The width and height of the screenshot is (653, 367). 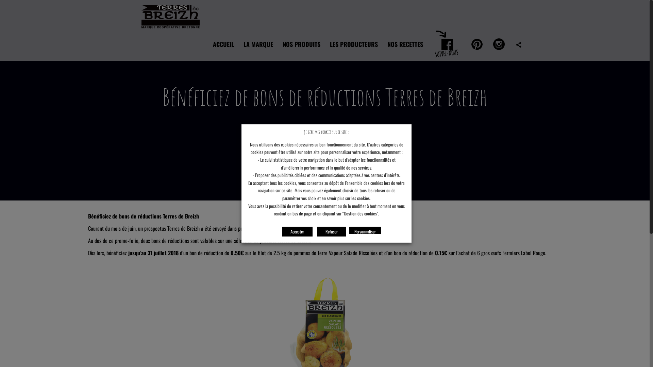 I want to click on 'Personnaliser', so click(x=365, y=230).